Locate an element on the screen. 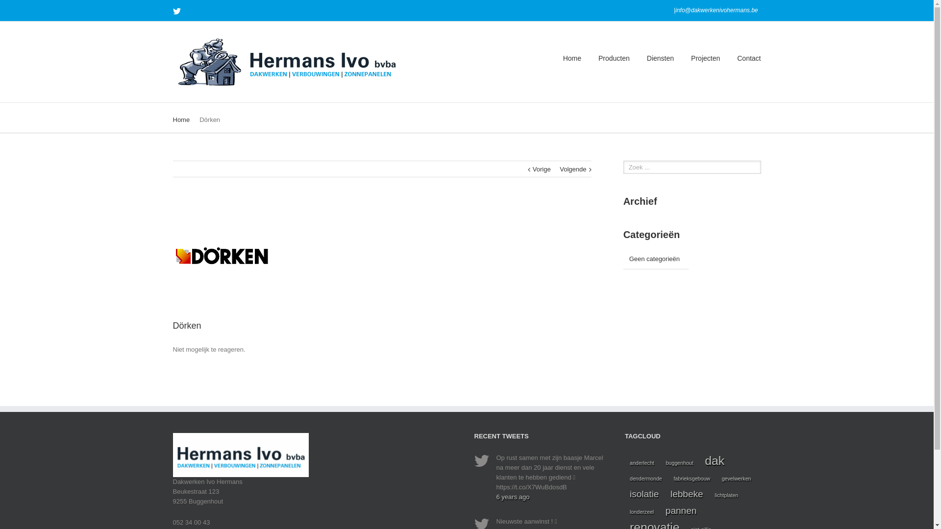 This screenshot has height=529, width=941. 'dendermonde' is located at coordinates (646, 478).